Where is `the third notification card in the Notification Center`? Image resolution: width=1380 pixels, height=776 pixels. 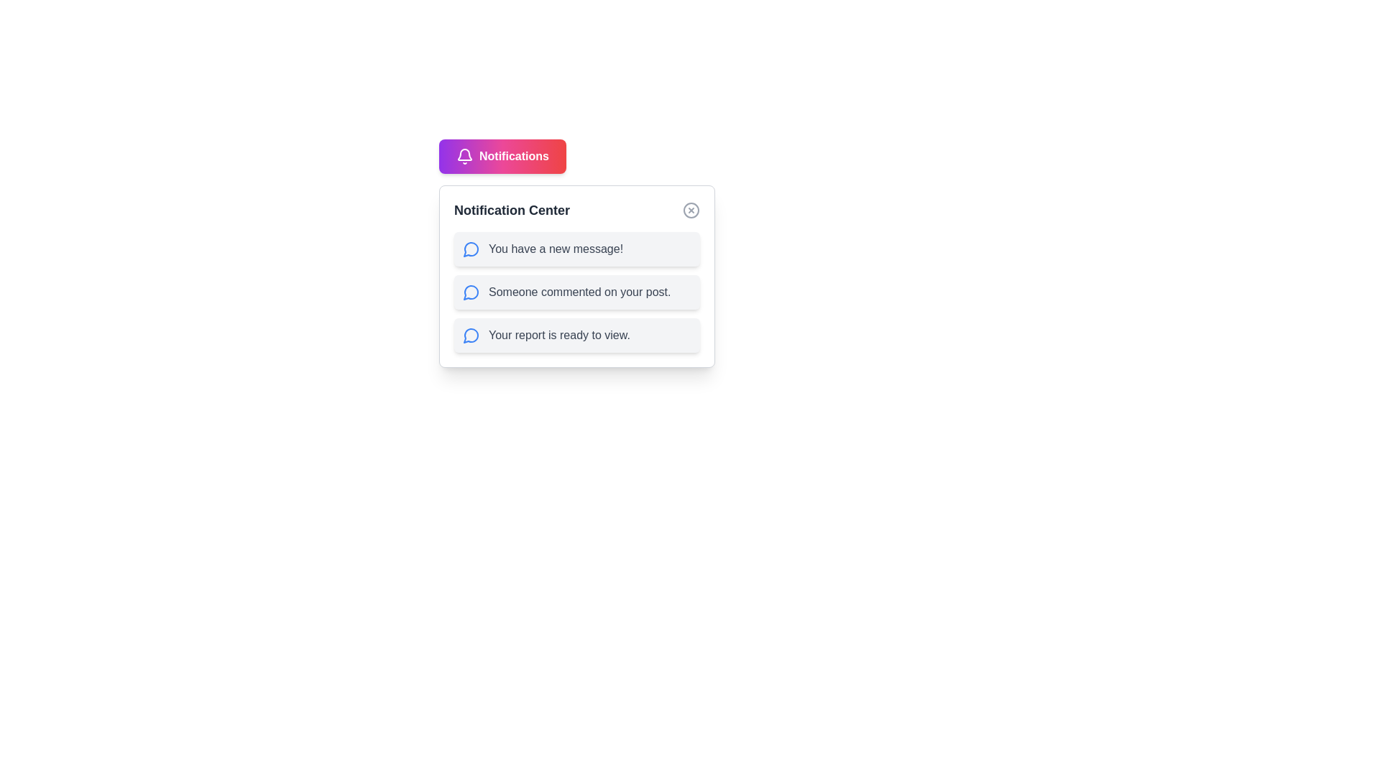
the third notification card in the Notification Center is located at coordinates (576, 335).